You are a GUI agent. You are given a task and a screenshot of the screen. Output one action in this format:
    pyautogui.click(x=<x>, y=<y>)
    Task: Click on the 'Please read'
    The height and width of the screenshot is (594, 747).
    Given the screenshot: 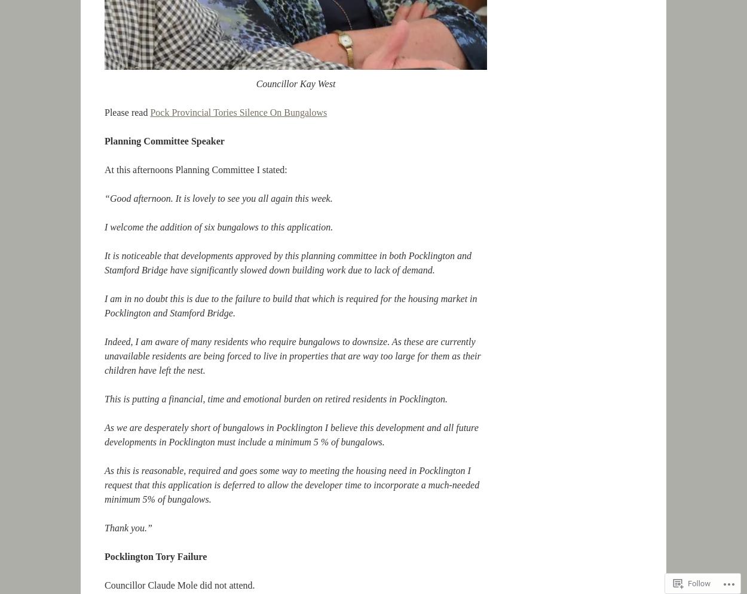 What is the action you would take?
    pyautogui.click(x=127, y=112)
    